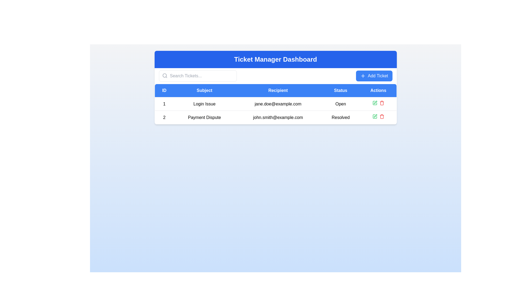  Describe the element at coordinates (363, 76) in the screenshot. I see `the plus icon located to the left of the 'Add Ticket' text inside the blue rectangular button in the top-right corner of the interface` at that location.